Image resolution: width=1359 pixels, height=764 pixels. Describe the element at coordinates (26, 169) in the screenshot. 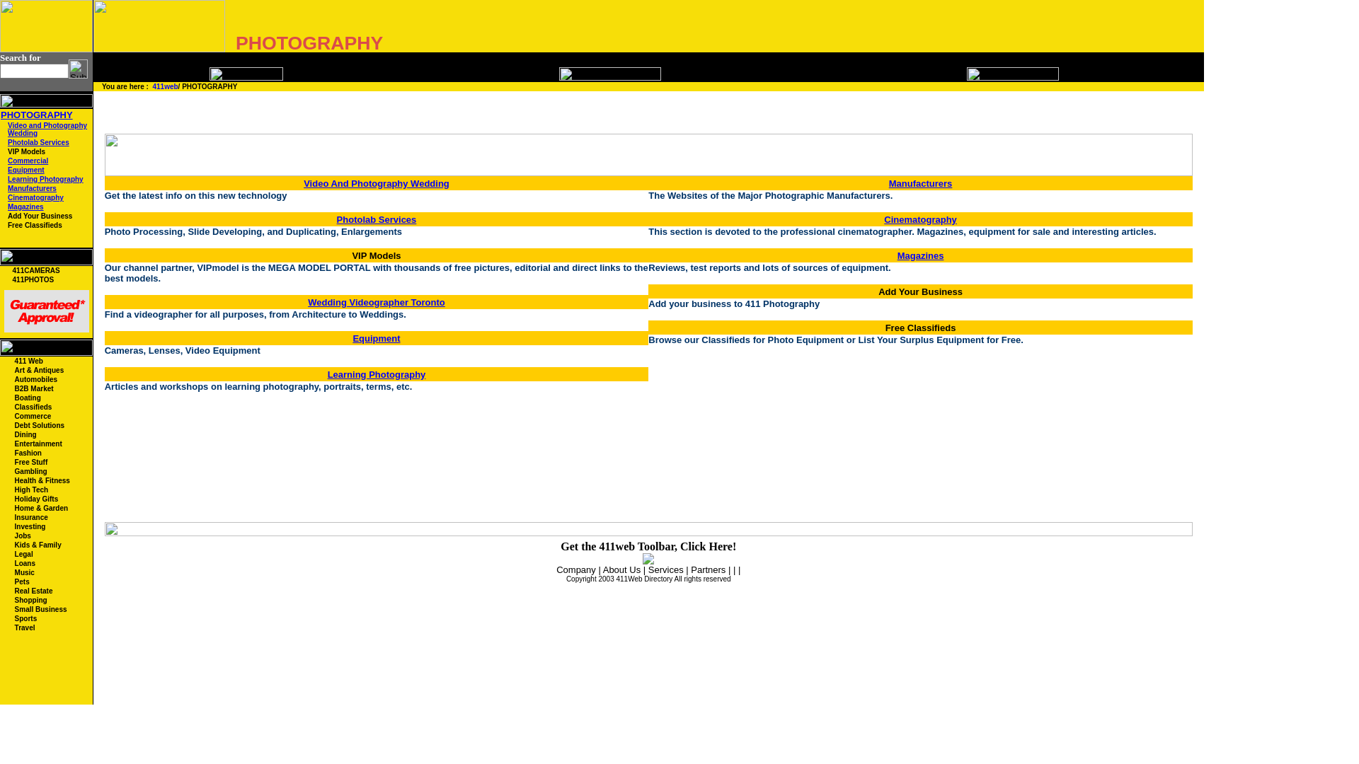

I see `'Equipment'` at that location.